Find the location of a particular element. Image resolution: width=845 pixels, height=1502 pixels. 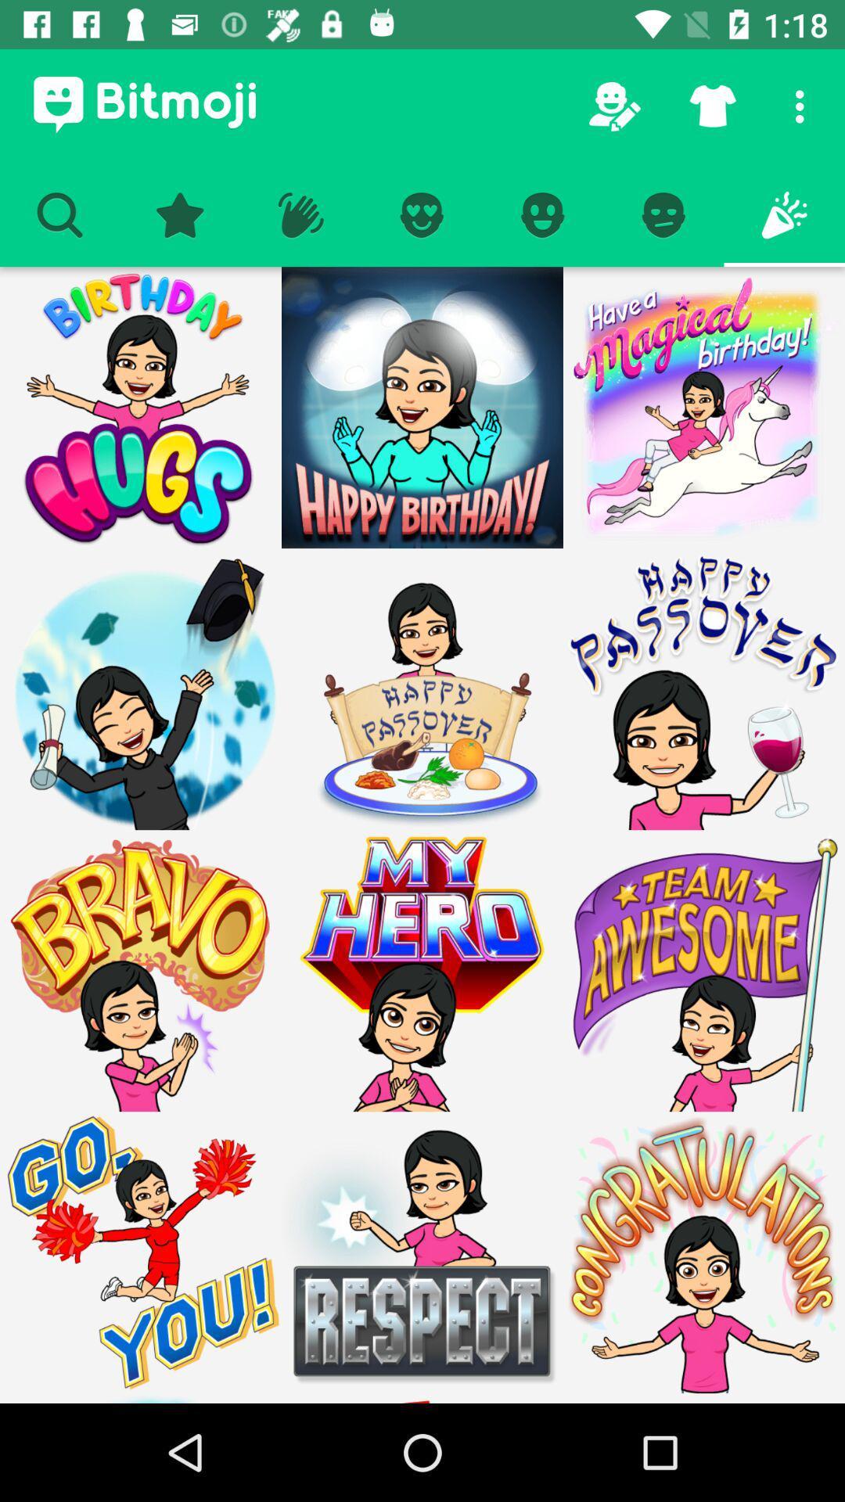

option is located at coordinates (703, 1252).